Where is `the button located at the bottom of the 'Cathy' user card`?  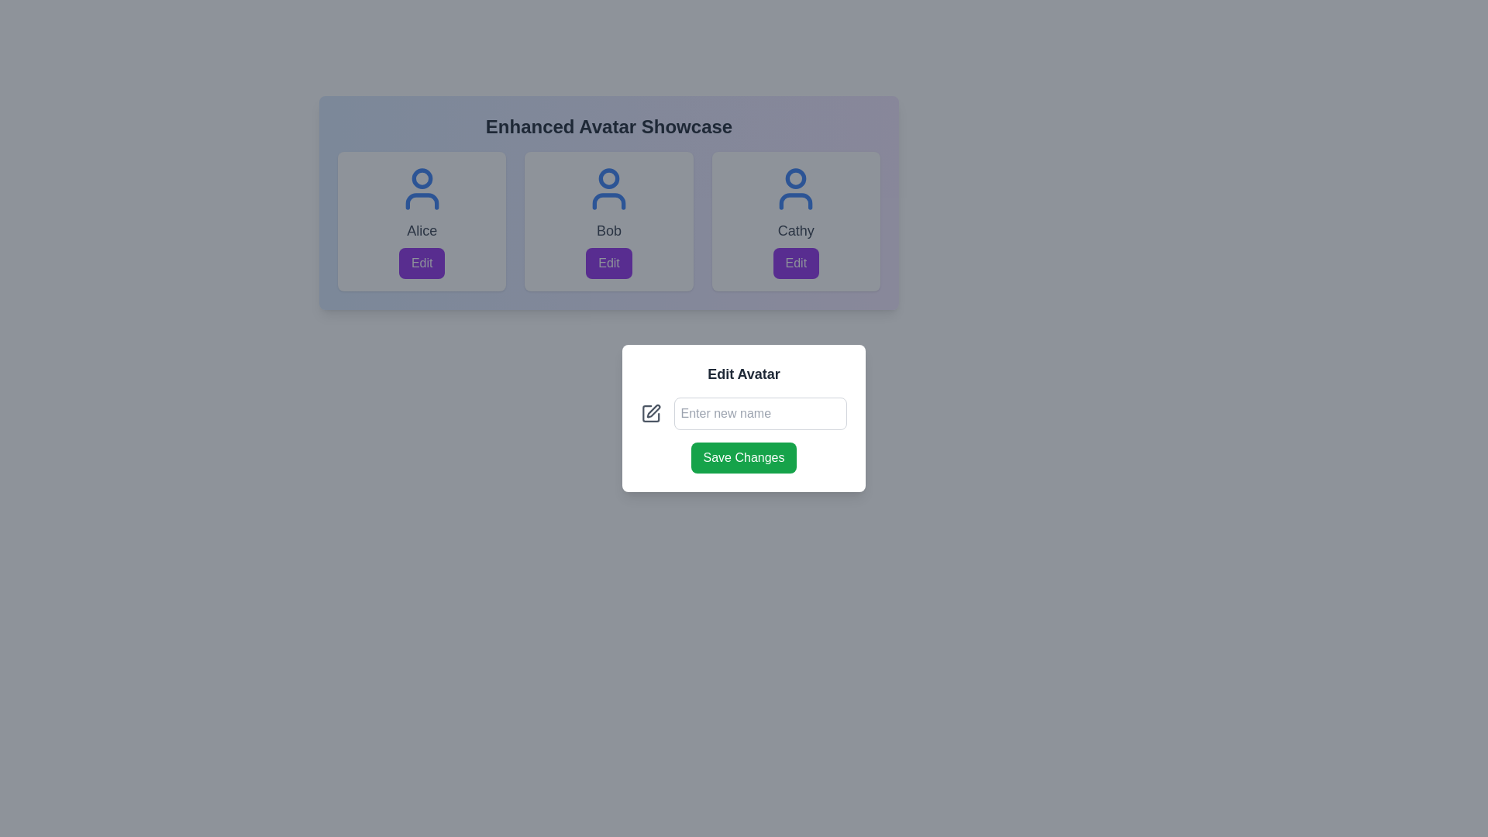
the button located at the bottom of the 'Cathy' user card is located at coordinates (796, 262).